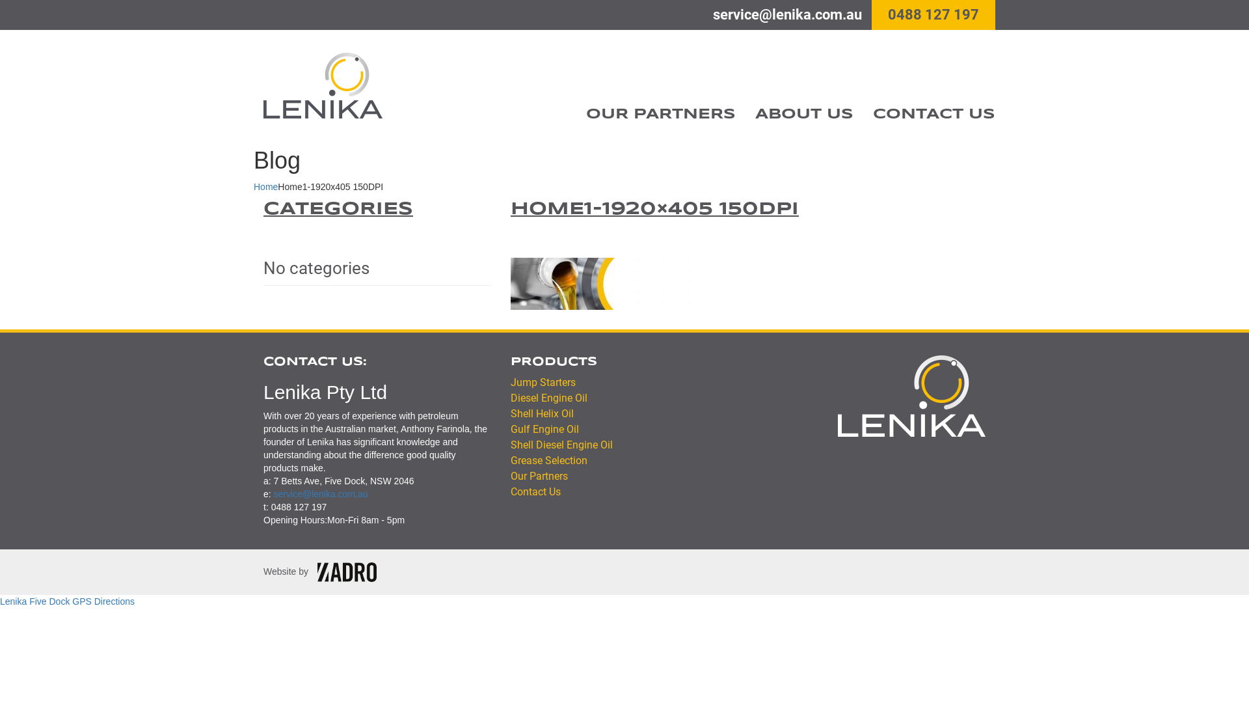 This screenshot has height=703, width=1249. Describe the element at coordinates (549, 397) in the screenshot. I see `'Diesel Engine Oil'` at that location.